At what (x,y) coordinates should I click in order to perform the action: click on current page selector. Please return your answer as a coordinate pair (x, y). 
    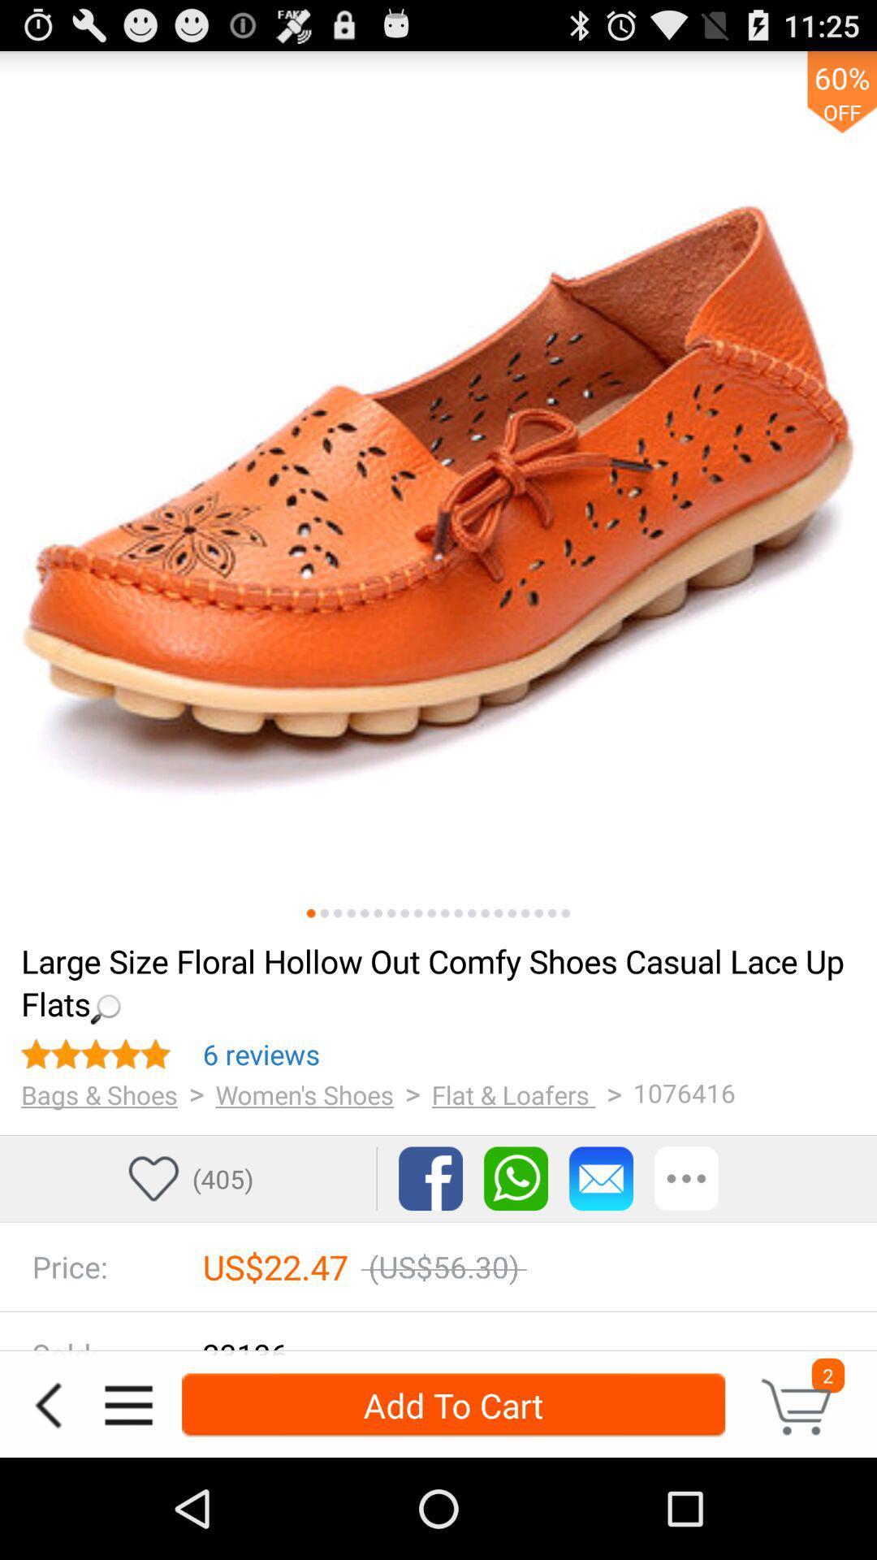
    Looking at the image, I should click on (311, 913).